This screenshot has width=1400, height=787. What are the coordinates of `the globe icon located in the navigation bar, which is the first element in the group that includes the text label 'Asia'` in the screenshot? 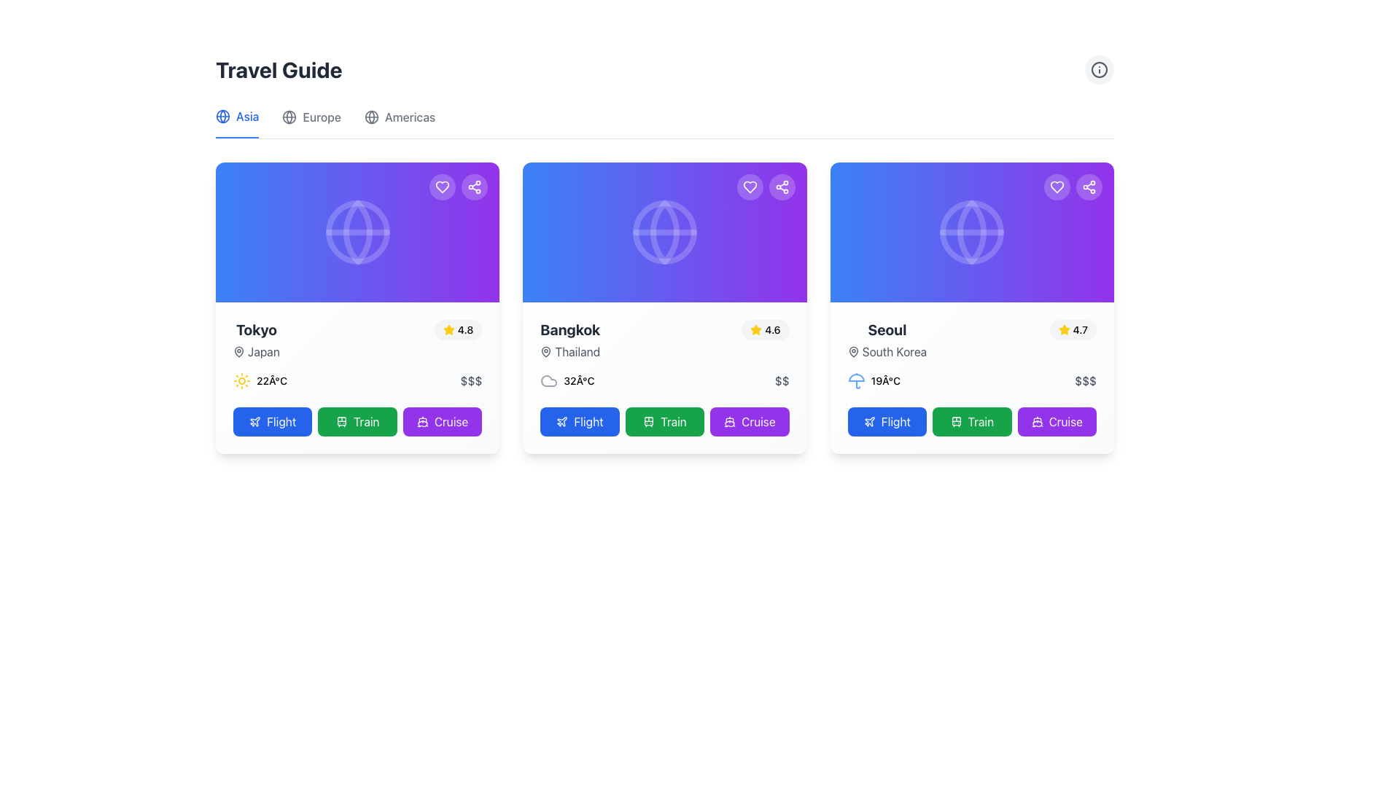 It's located at (222, 115).